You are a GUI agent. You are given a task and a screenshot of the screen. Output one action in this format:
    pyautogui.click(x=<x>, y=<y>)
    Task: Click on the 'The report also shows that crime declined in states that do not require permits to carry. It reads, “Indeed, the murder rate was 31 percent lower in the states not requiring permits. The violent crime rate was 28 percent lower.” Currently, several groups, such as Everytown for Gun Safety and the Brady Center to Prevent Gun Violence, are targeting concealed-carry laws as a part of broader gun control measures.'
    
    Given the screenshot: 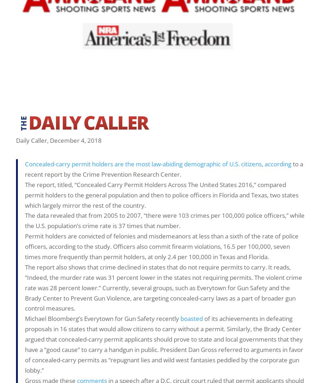 What is the action you would take?
    pyautogui.click(x=163, y=287)
    